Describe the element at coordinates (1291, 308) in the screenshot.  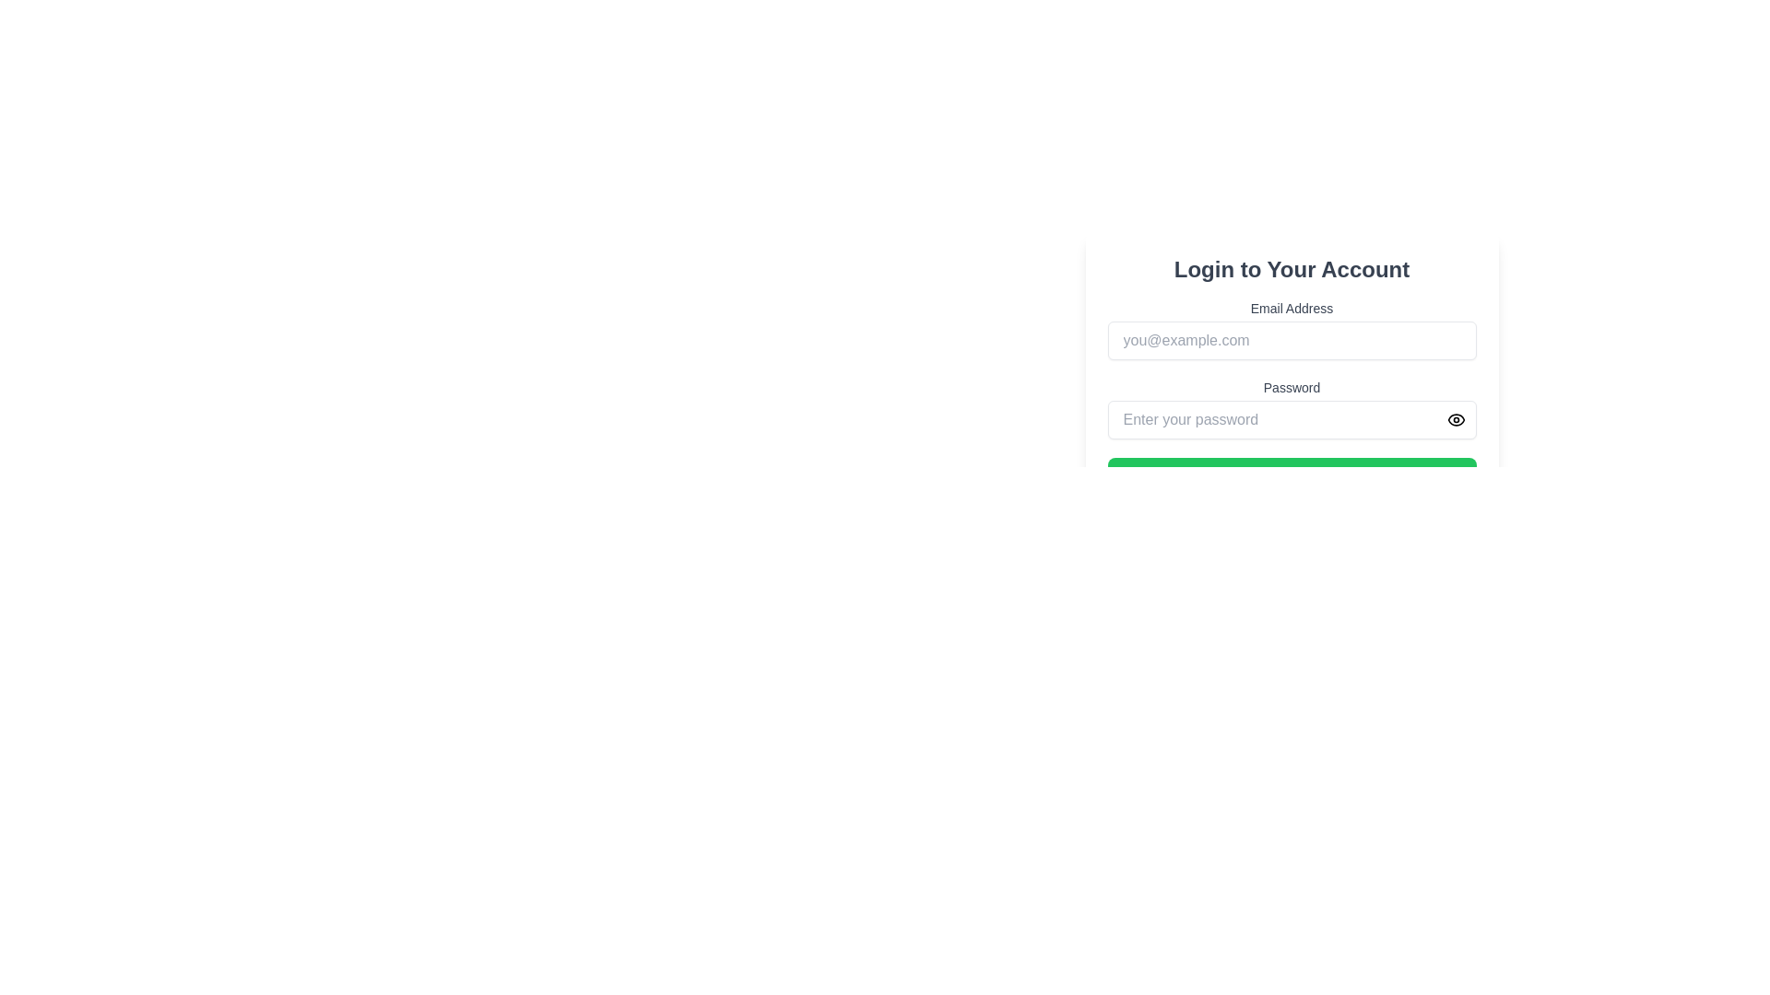
I see `the Text Label that informs the user about the email input field, located under the title 'Login to Your Account'` at that location.